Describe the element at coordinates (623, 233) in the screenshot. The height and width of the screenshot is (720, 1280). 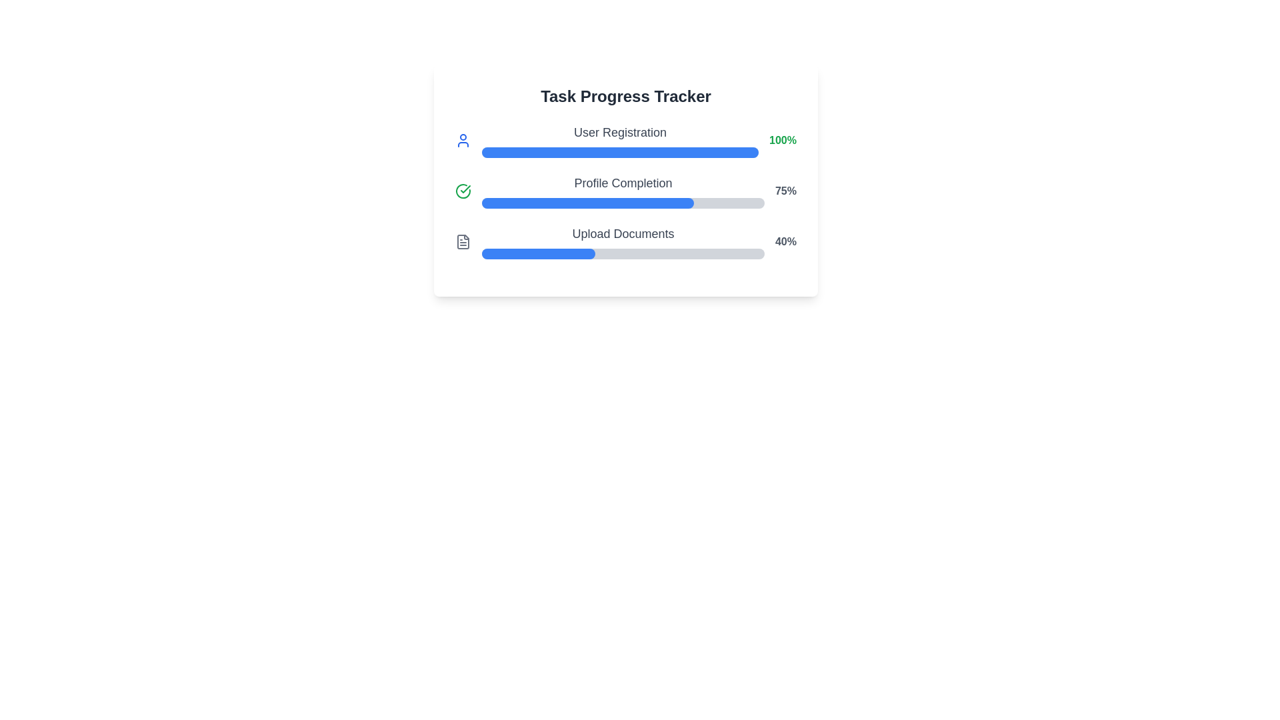
I see `text label that describes the associated progress bar's task or status, positioned as the third label in a vertical sequence below 'Profile Completion'` at that location.